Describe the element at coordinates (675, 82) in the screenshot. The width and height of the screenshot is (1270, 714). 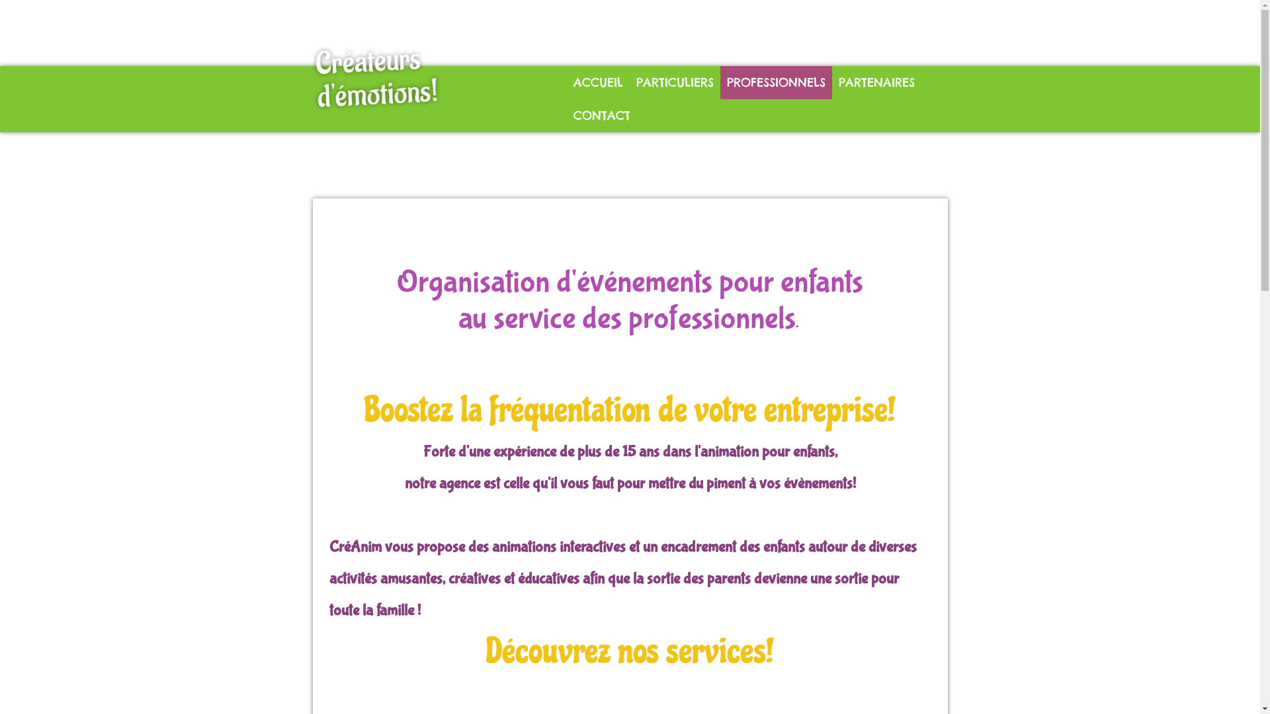
I see `'PARTICULIERS'` at that location.